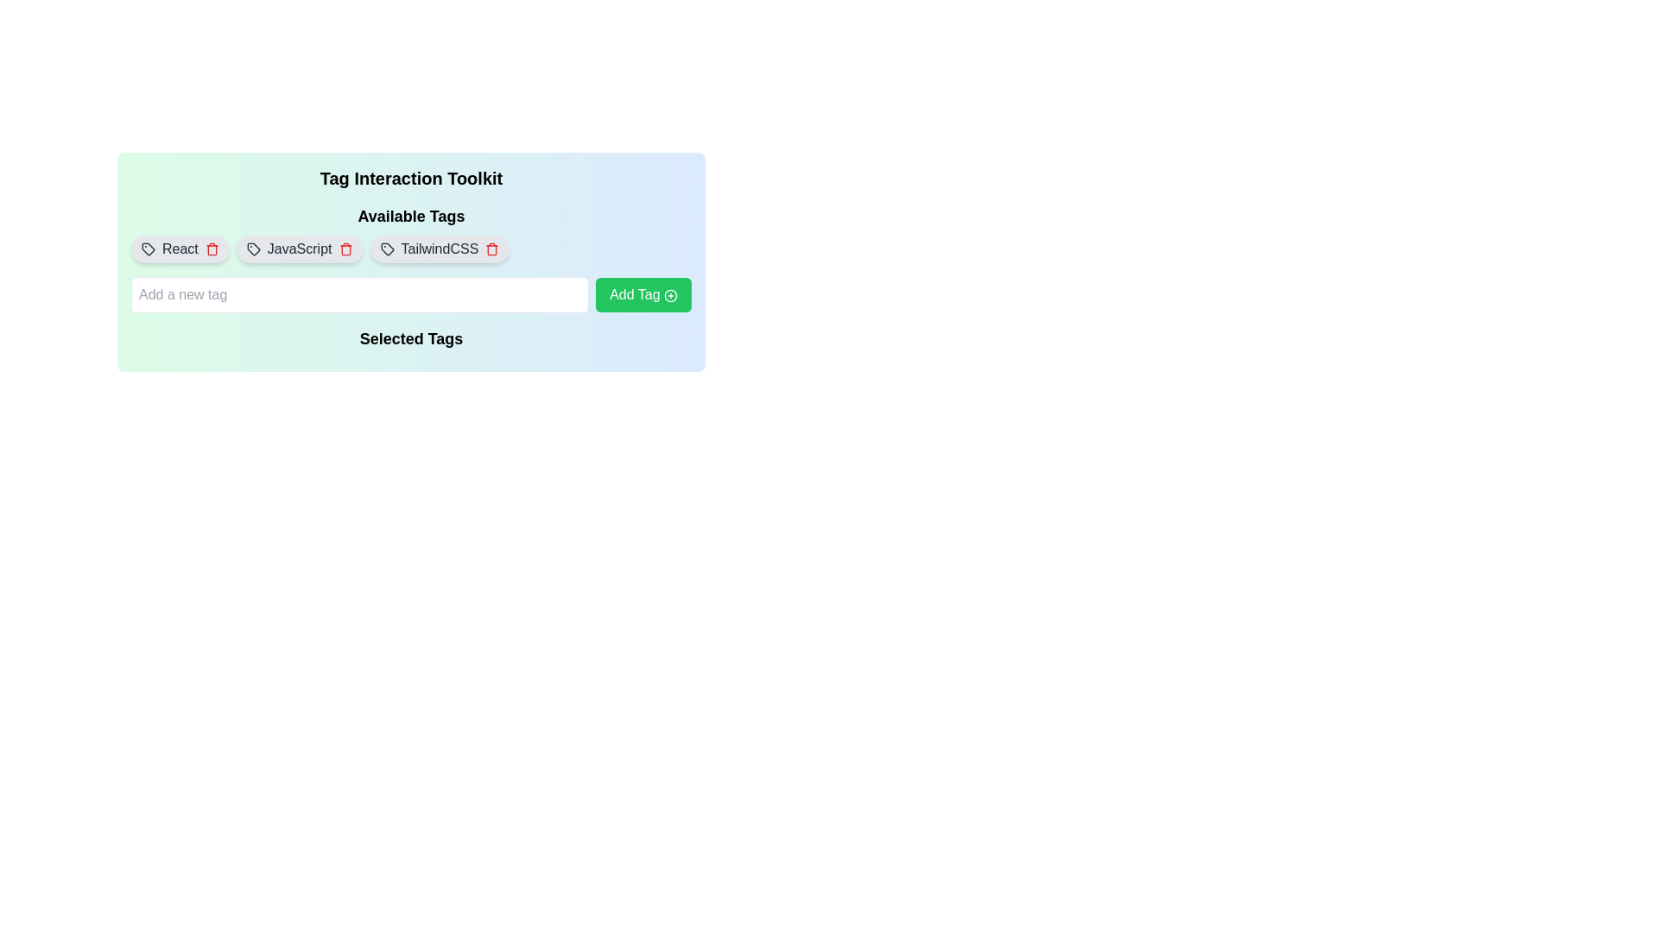 This screenshot has width=1658, height=932. I want to click on the tag-shaped icon (SVG) located within the 'JavaScript' tag button in the 'Available Tags' section of the UI, which is positioned towards the left side, adjacent to the text label 'JavaScript', so click(252, 249).